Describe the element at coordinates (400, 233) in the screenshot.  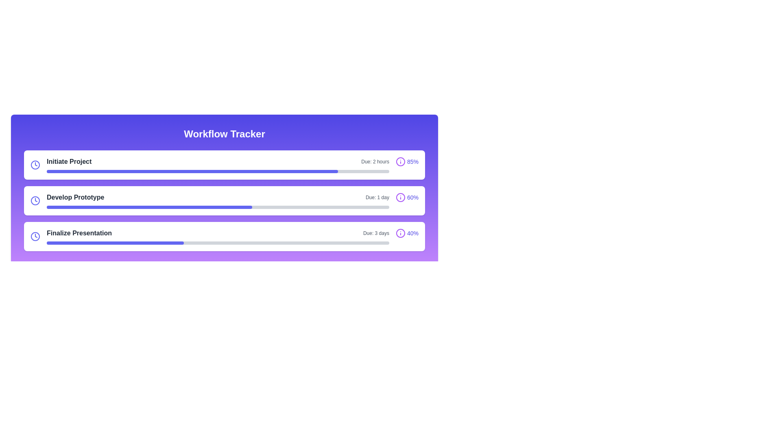
I see `the circular icon with a purple border that encloses an exclamation mark, located next to the 'Finalize Presentation' text in the third task of the workflow tracker interface` at that location.